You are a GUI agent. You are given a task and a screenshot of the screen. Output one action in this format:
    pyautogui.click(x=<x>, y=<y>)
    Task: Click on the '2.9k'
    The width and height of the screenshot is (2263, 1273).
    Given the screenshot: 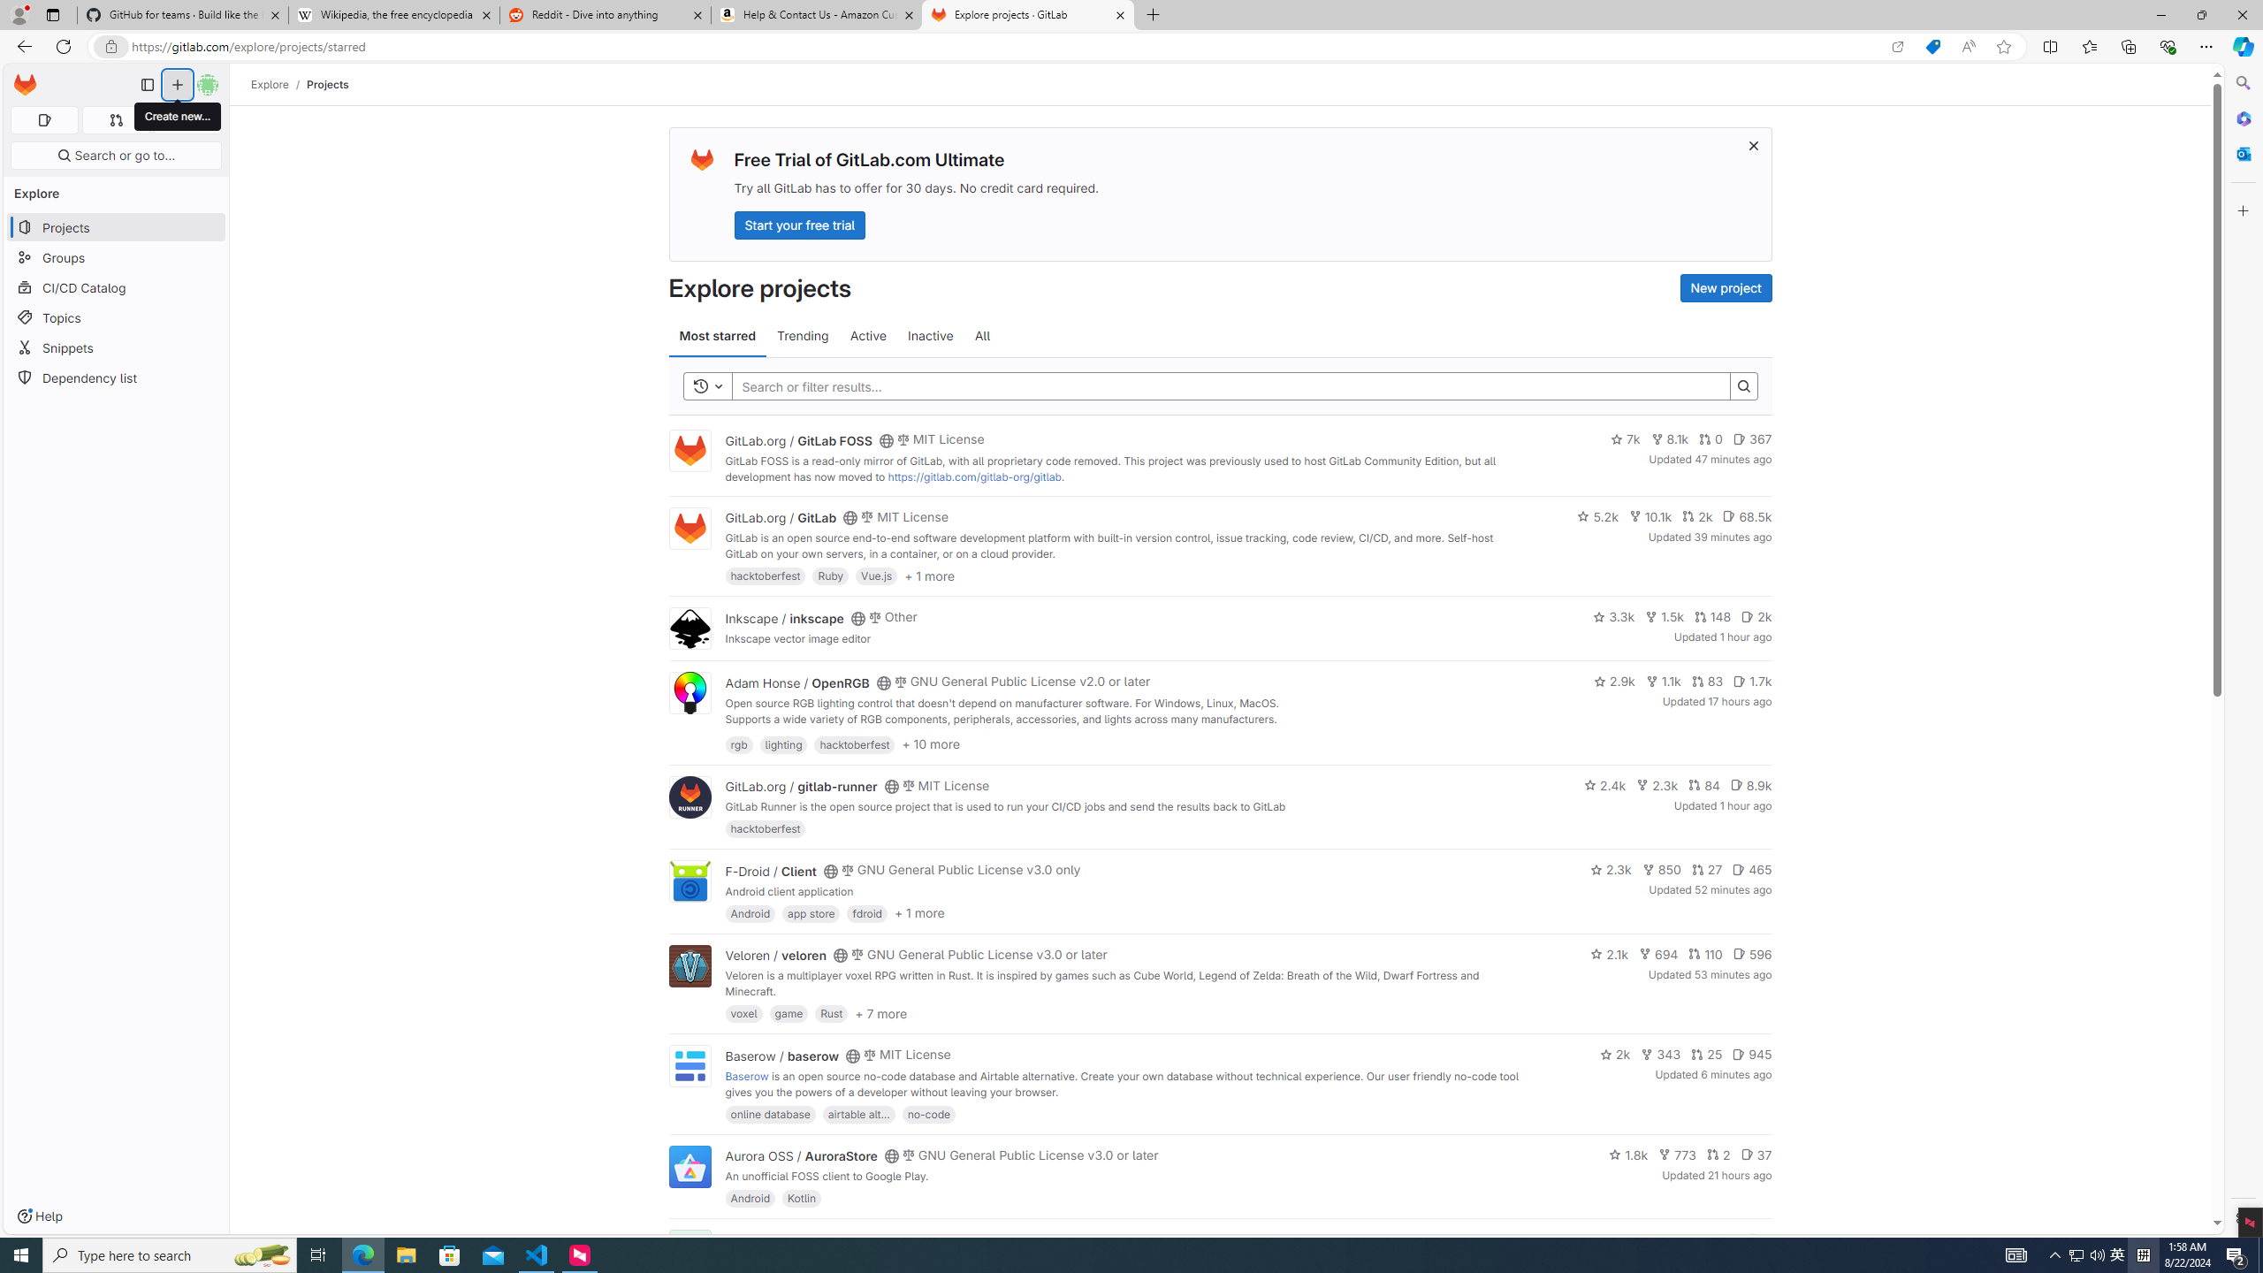 What is the action you would take?
    pyautogui.click(x=1614, y=681)
    